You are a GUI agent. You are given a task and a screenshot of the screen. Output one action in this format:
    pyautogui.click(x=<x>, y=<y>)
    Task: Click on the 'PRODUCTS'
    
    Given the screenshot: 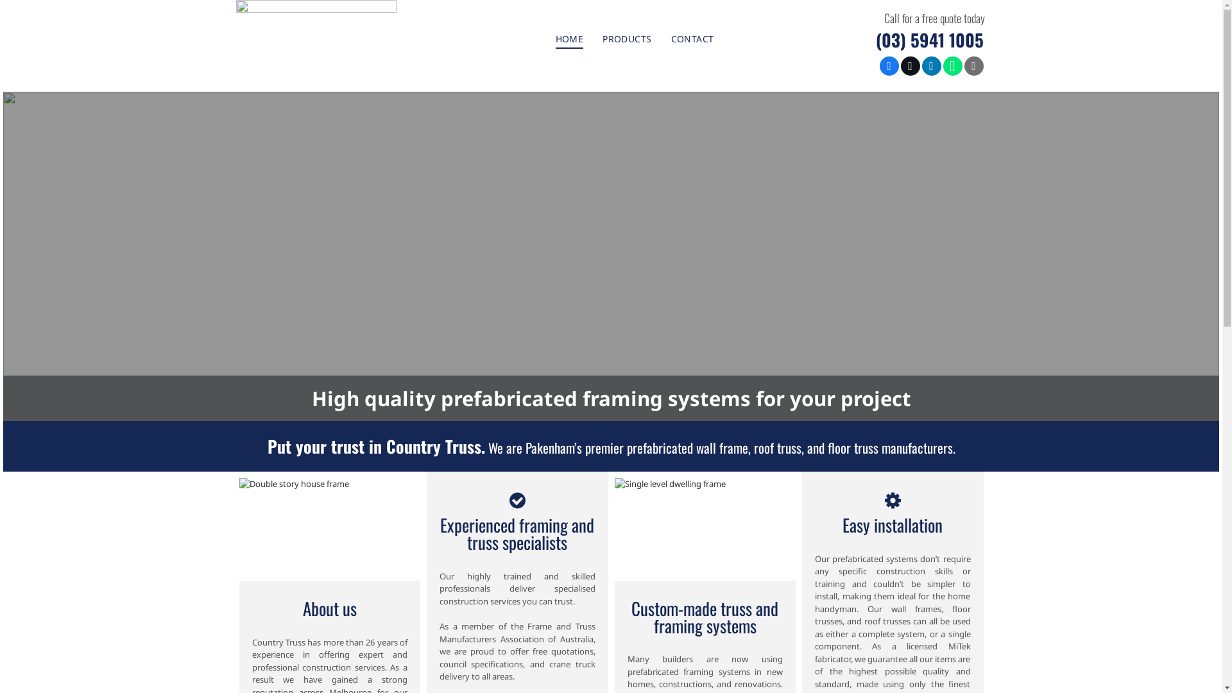 What is the action you would take?
    pyautogui.click(x=627, y=38)
    